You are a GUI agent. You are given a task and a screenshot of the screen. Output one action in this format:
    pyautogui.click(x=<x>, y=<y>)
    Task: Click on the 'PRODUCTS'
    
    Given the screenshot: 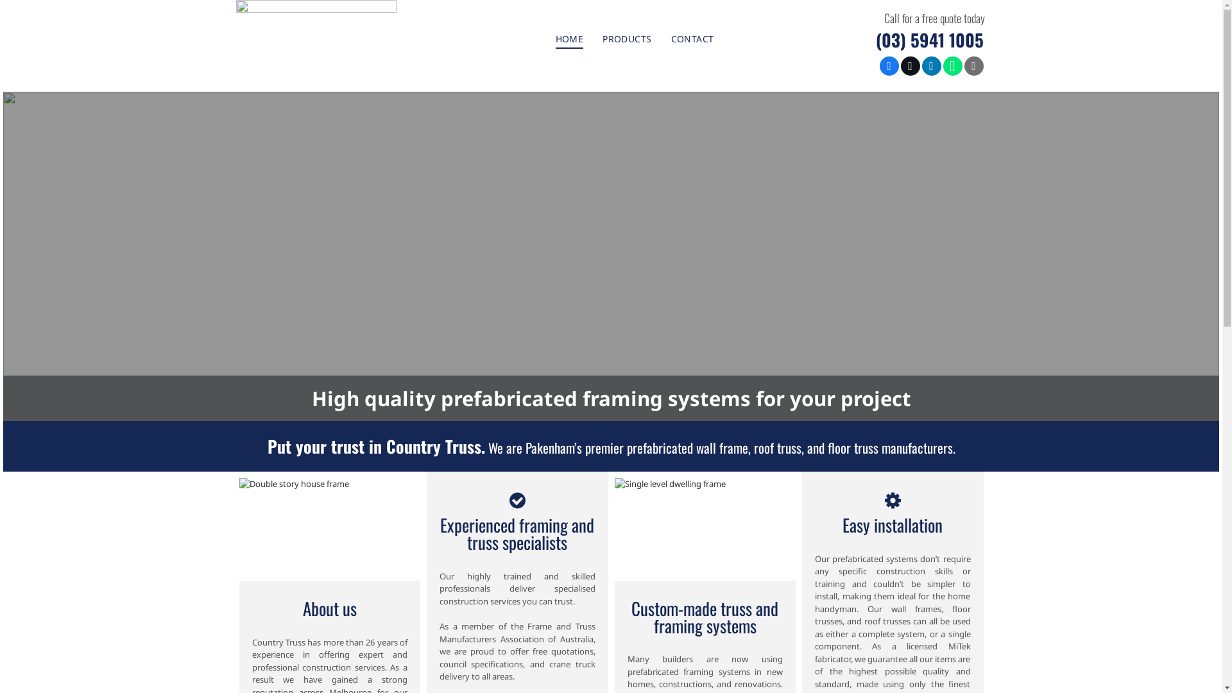 What is the action you would take?
    pyautogui.click(x=627, y=38)
    